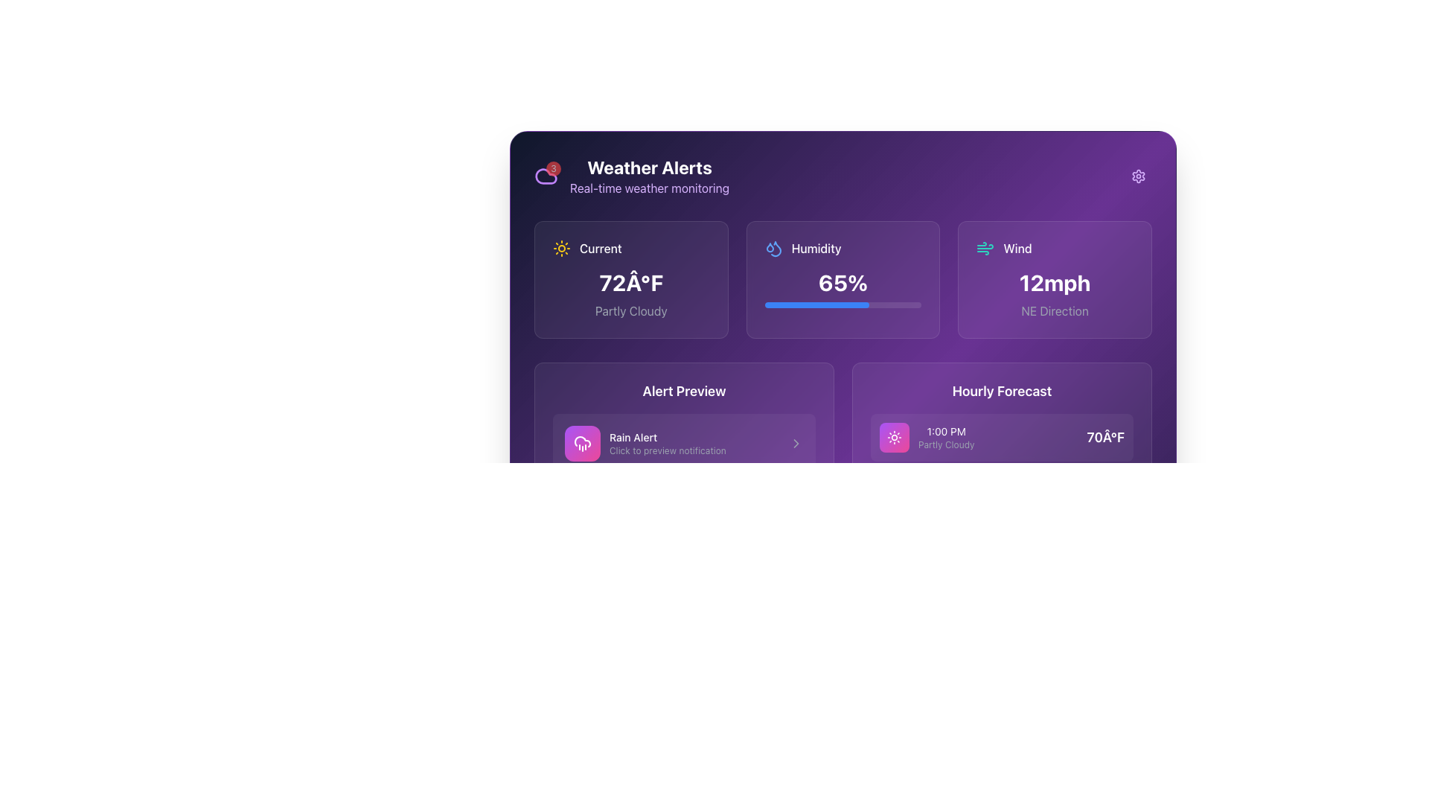 The image size is (1429, 804). Describe the element at coordinates (1054, 310) in the screenshot. I see `text label providing additional information about the wind's direction located beneath the '12mph' text in the 'Wind' card in the top-right quadrant of the interface` at that location.